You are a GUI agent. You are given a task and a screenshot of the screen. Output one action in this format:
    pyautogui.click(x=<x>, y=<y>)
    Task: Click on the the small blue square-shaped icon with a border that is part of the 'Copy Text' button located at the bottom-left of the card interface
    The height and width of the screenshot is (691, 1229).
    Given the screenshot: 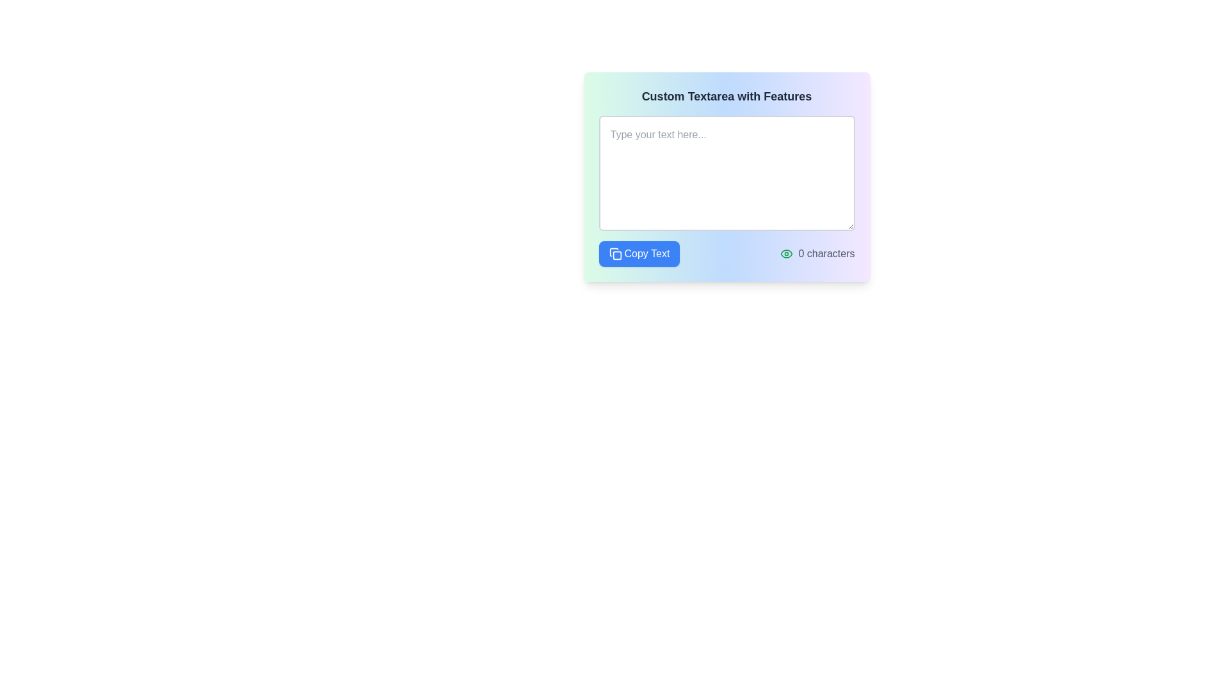 What is the action you would take?
    pyautogui.click(x=615, y=254)
    